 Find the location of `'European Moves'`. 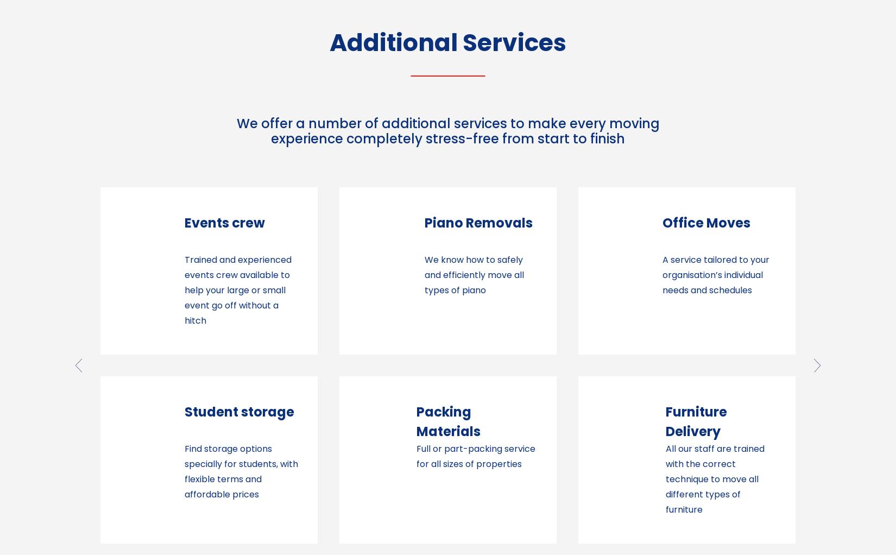

'European Moves' is located at coordinates (662, 222).